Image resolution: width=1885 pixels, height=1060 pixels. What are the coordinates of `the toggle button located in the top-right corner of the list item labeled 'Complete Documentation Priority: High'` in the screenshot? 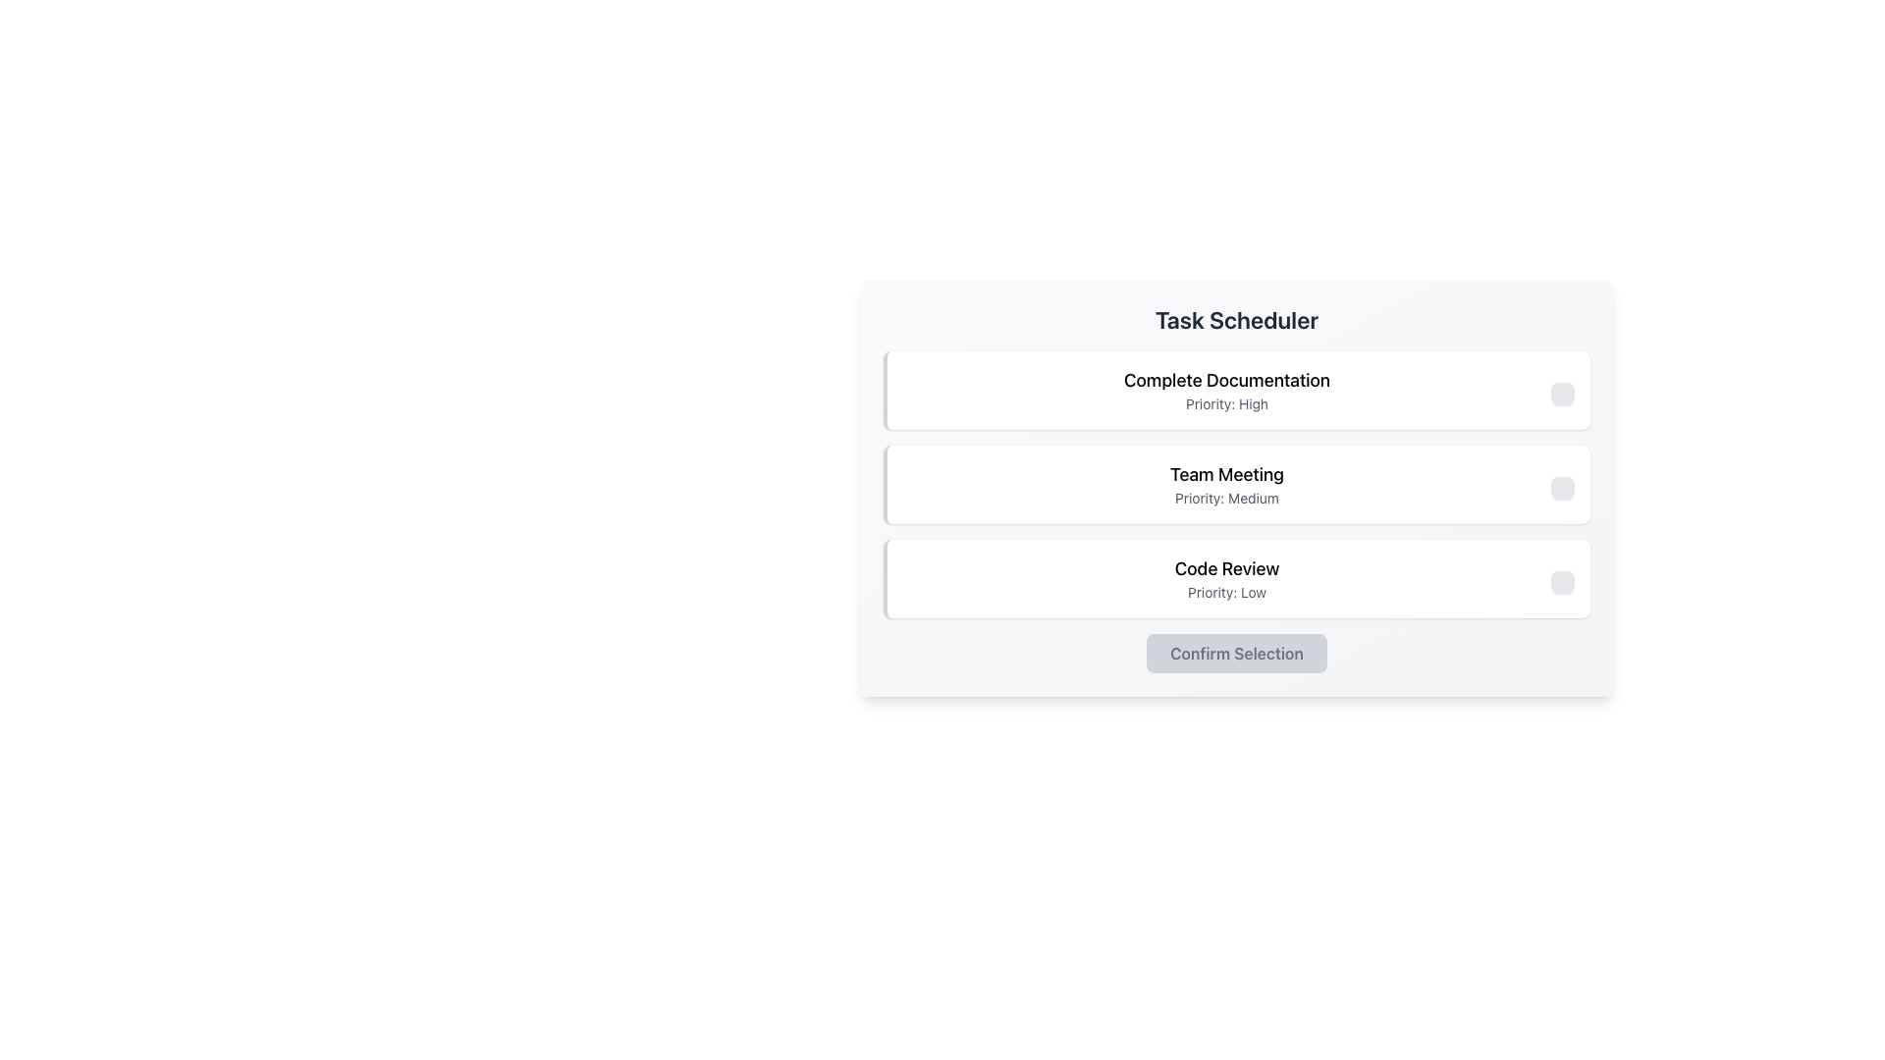 It's located at (1562, 394).